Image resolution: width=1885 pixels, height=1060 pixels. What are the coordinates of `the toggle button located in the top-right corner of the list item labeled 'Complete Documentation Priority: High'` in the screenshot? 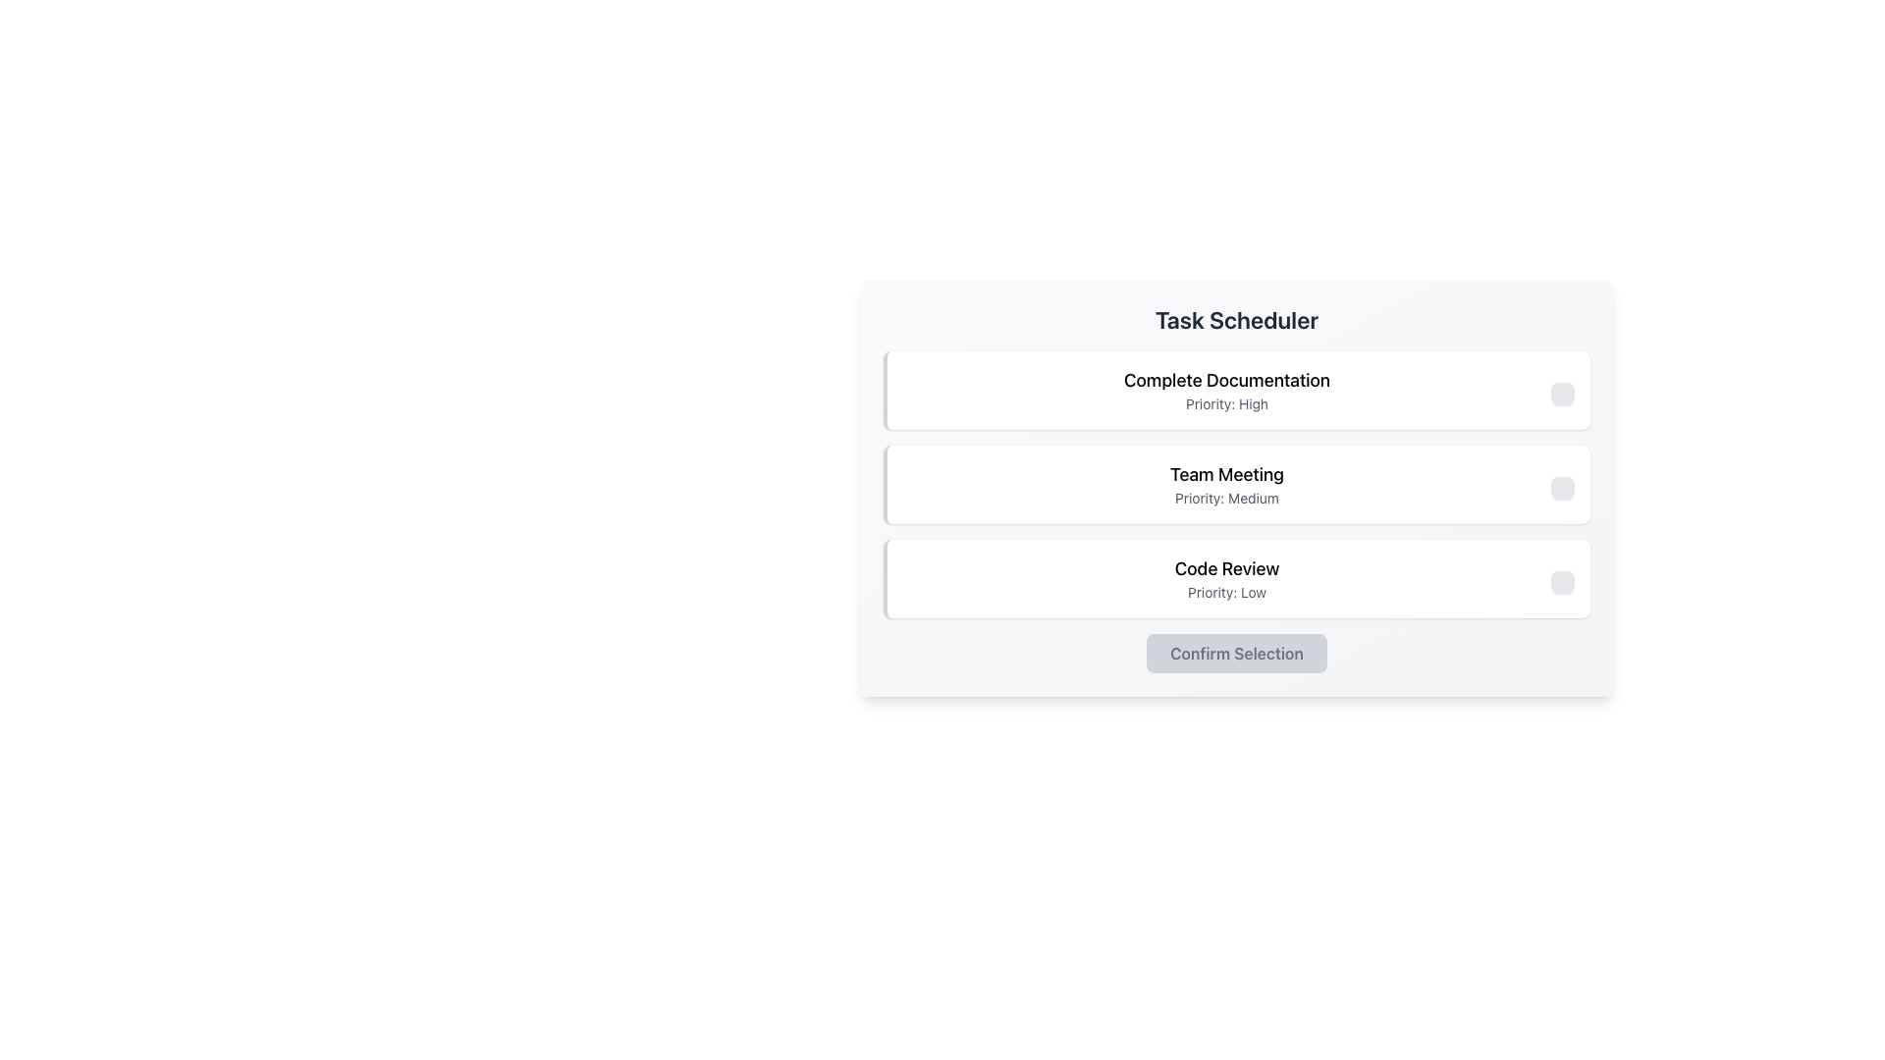 It's located at (1562, 394).